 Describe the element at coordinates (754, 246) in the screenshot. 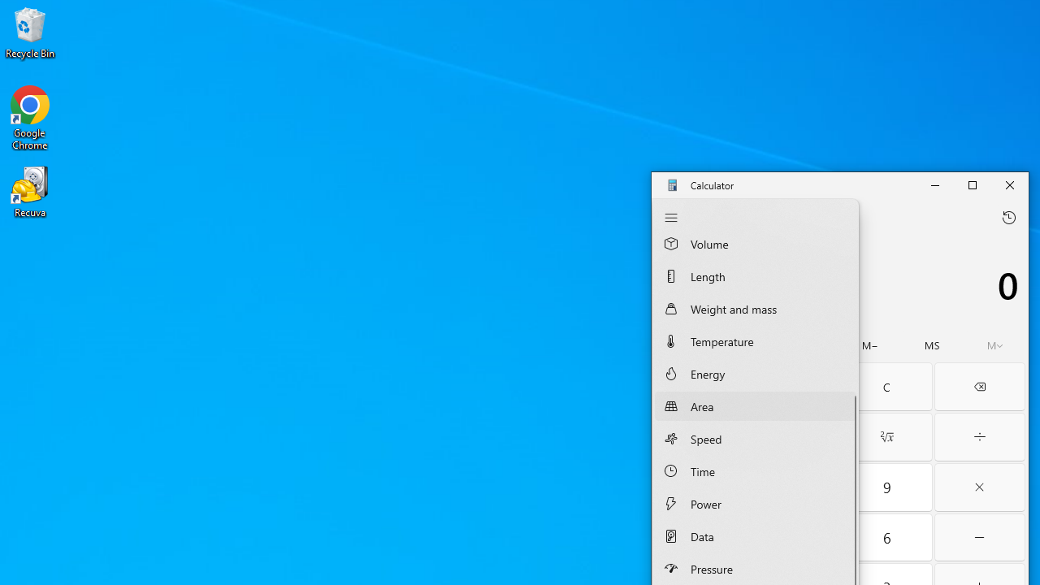

I see `'Volume Converter'` at that location.